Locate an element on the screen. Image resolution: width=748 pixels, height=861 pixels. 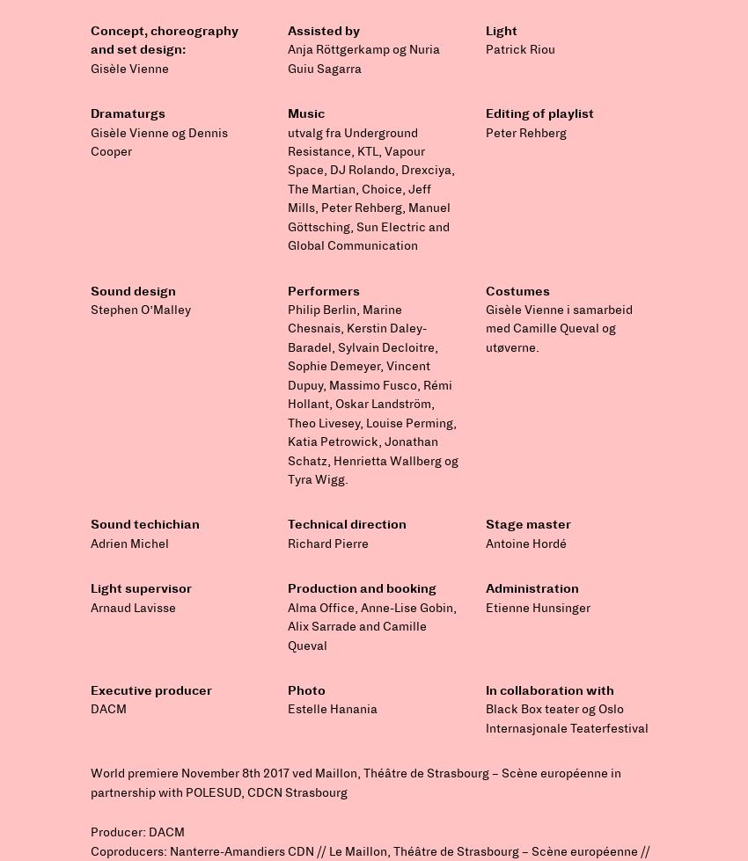
'In collaboration with' is located at coordinates (549, 690).